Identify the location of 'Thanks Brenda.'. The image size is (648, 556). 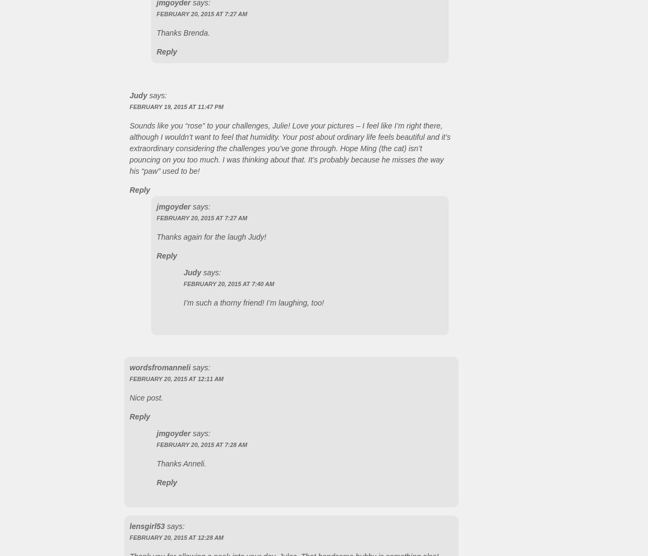
(183, 32).